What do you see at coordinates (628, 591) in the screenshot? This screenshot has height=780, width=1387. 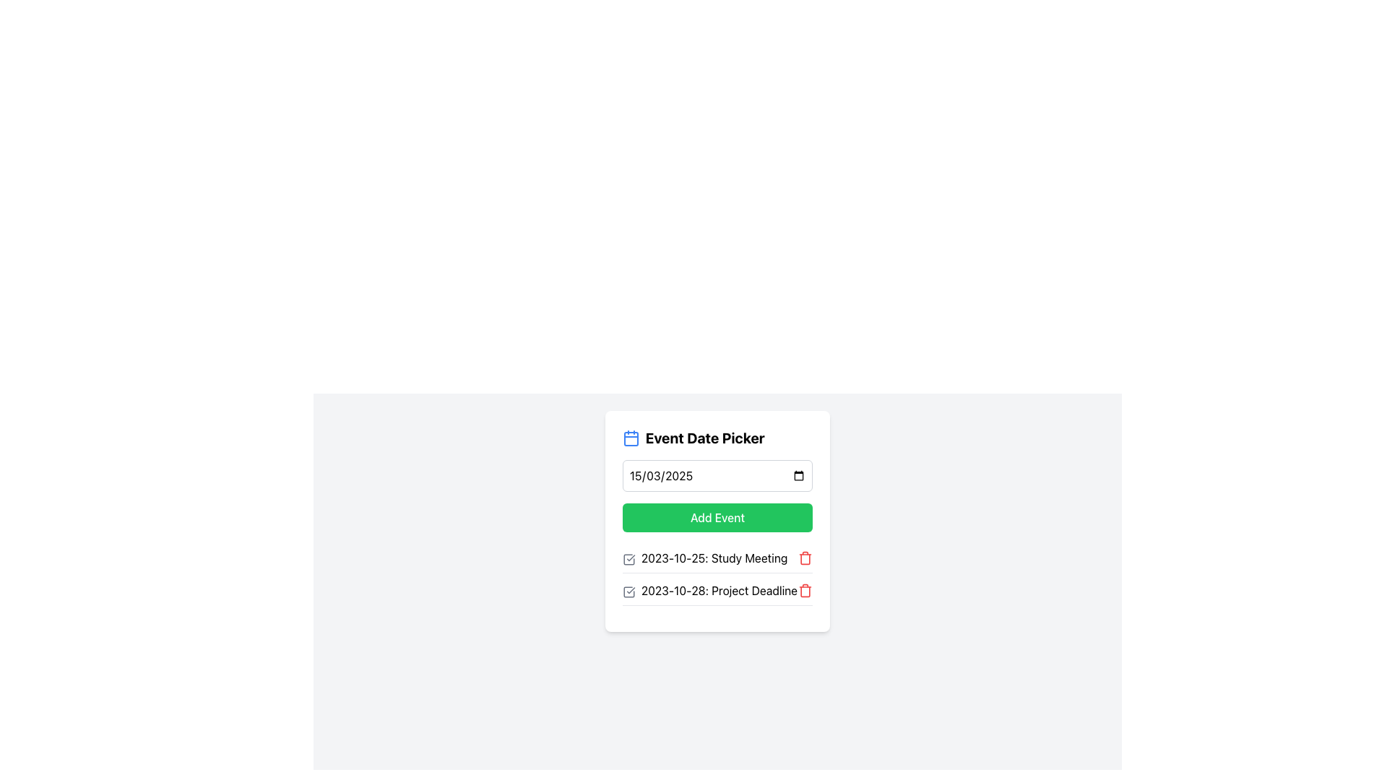 I see `the checkbox icon with a checkmark` at bounding box center [628, 591].